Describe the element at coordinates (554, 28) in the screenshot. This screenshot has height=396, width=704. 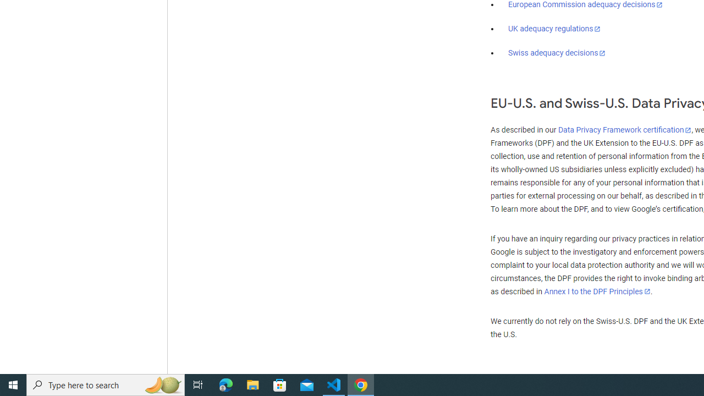
I see `'UK adequacy regulations'` at that location.